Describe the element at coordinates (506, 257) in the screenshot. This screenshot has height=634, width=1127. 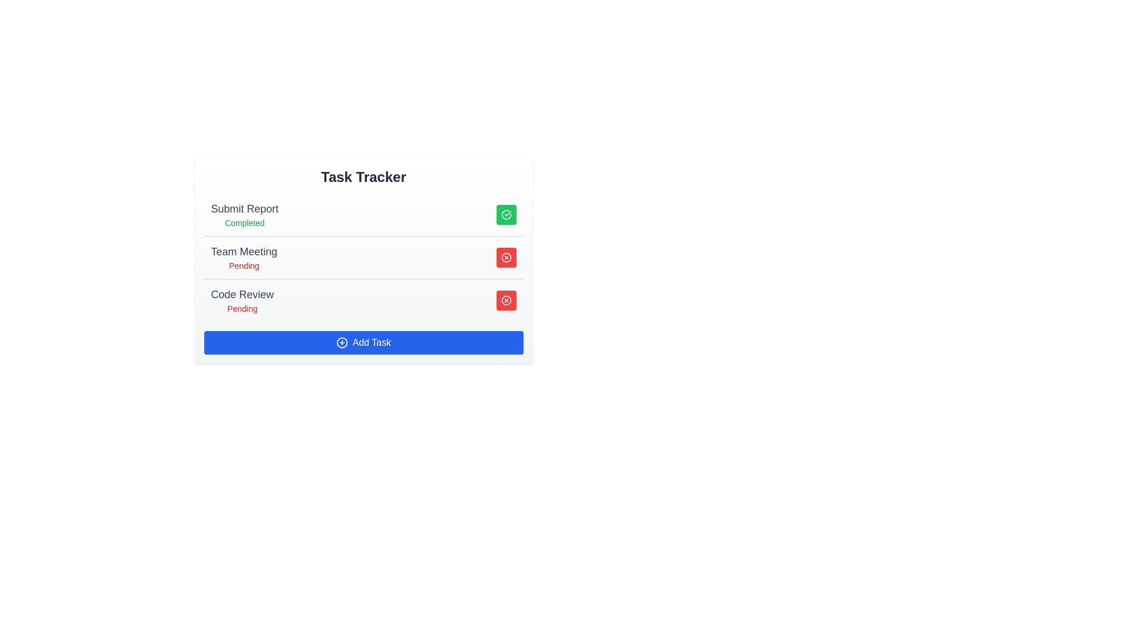
I see `the delete button located in the top-right corner of the 'Team Meeting' task entry` at that location.